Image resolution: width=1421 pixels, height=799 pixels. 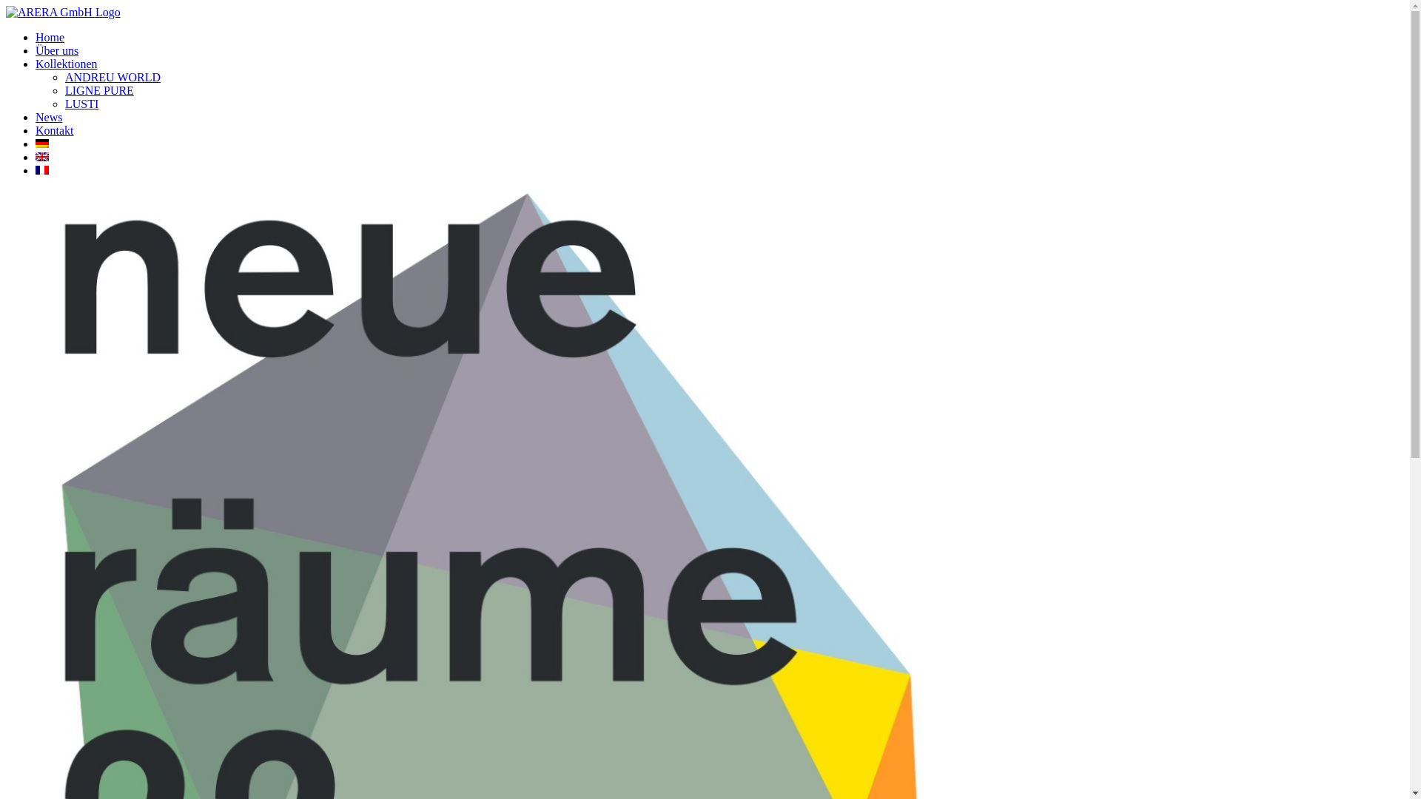 What do you see at coordinates (54, 129) in the screenshot?
I see `'Kontakt'` at bounding box center [54, 129].